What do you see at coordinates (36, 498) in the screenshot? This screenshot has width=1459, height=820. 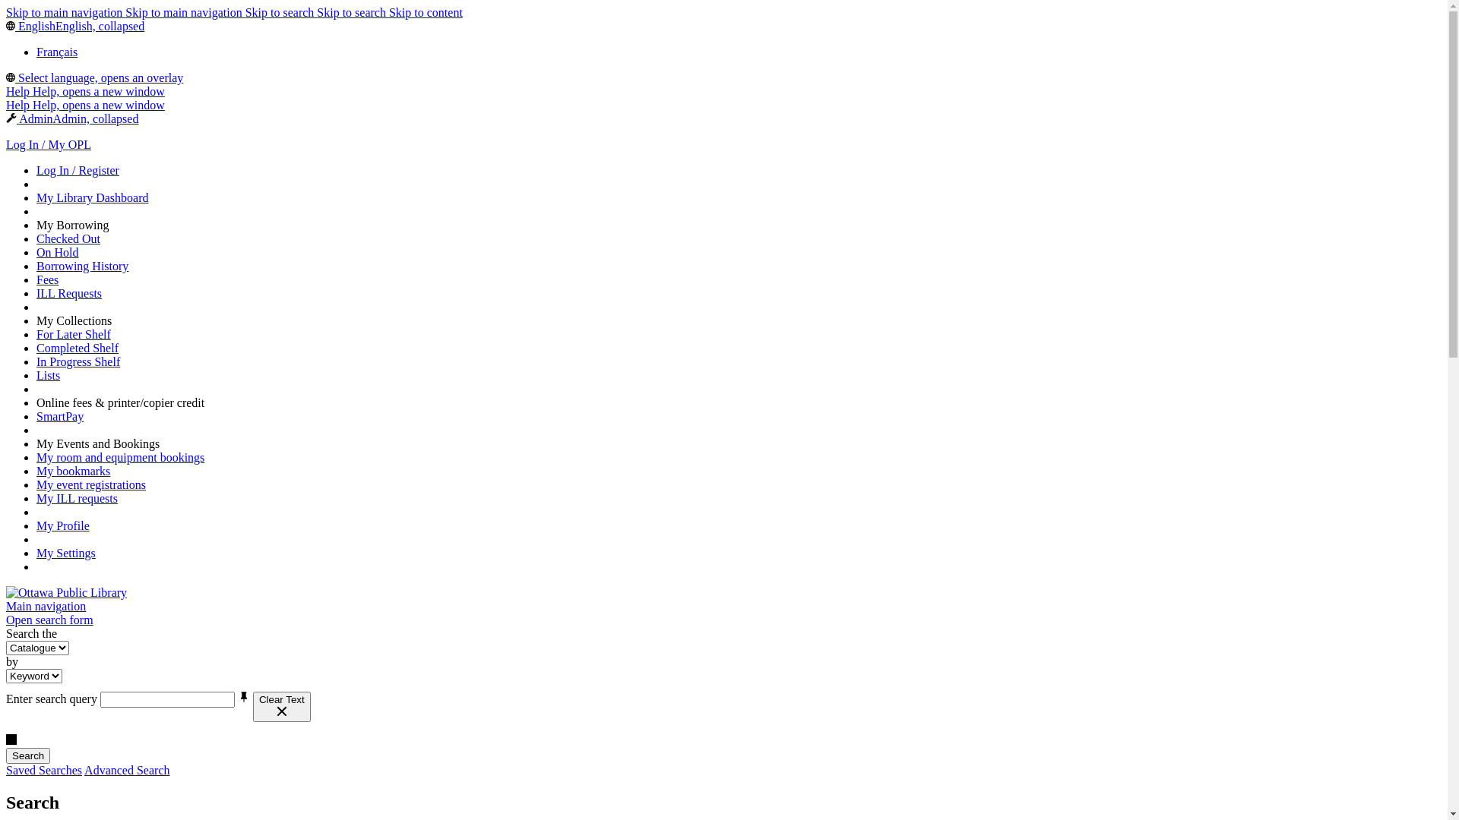 I see `'My ILL requests'` at bounding box center [36, 498].